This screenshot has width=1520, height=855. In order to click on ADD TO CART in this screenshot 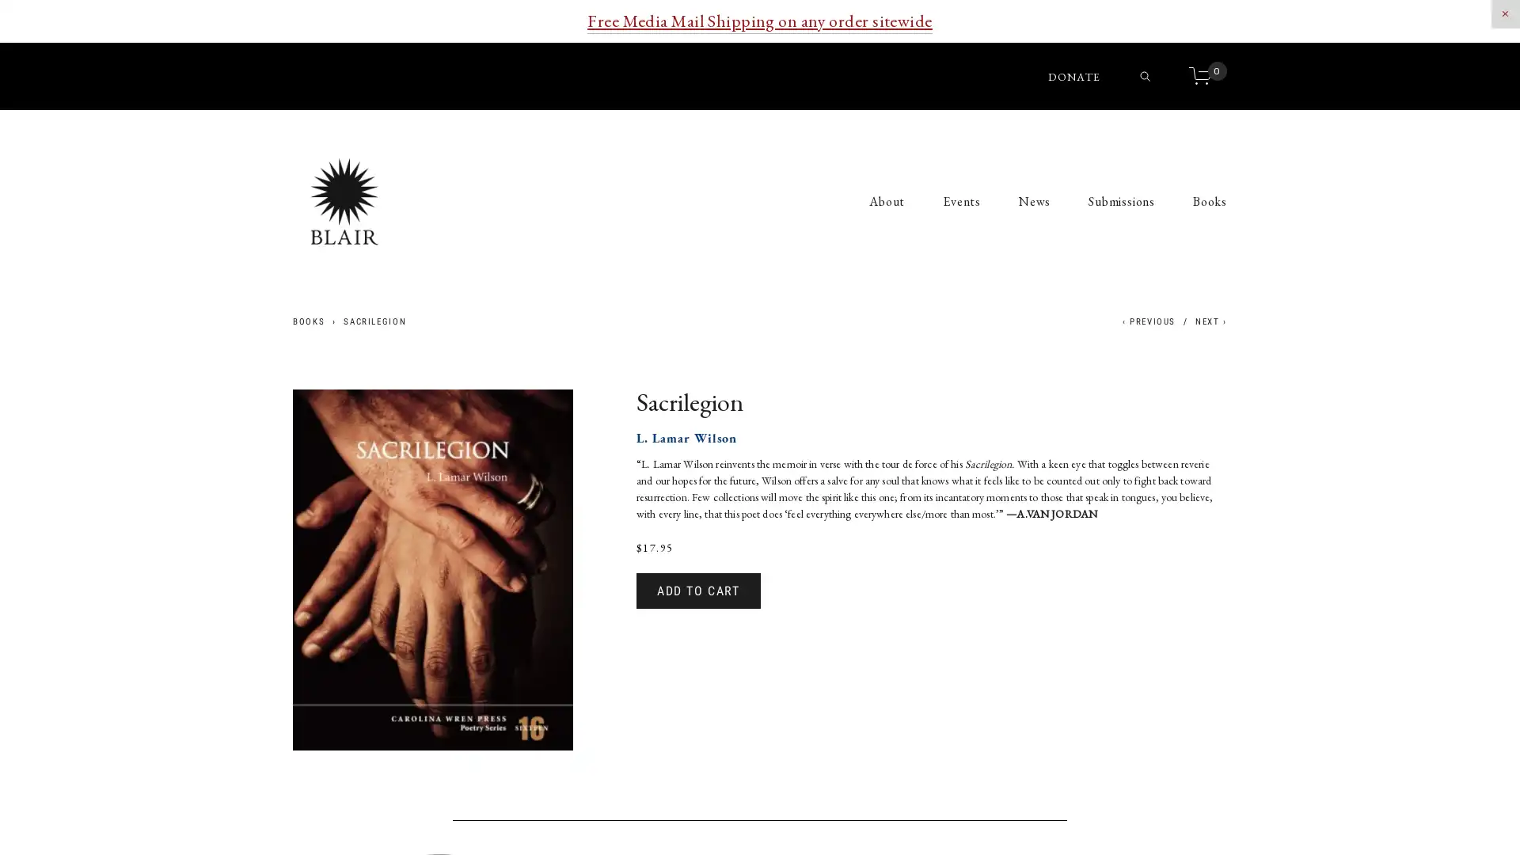, I will do `click(697, 591)`.